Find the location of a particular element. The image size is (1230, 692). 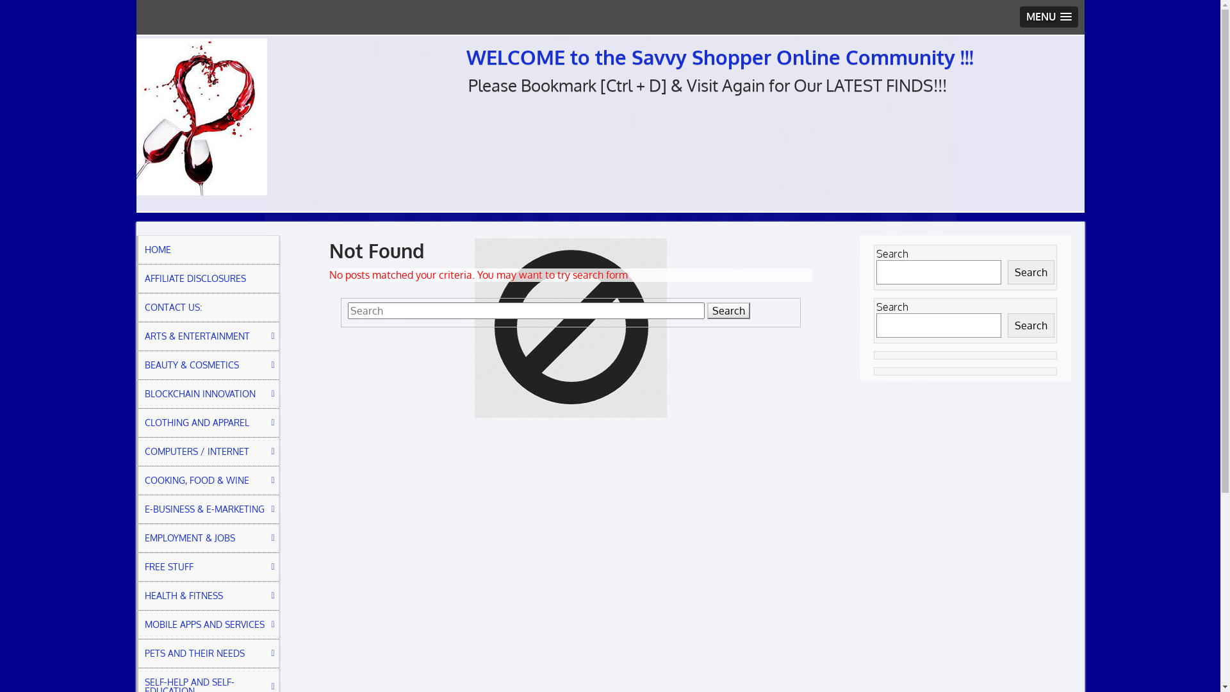

'CONTACT US:' is located at coordinates (208, 307).